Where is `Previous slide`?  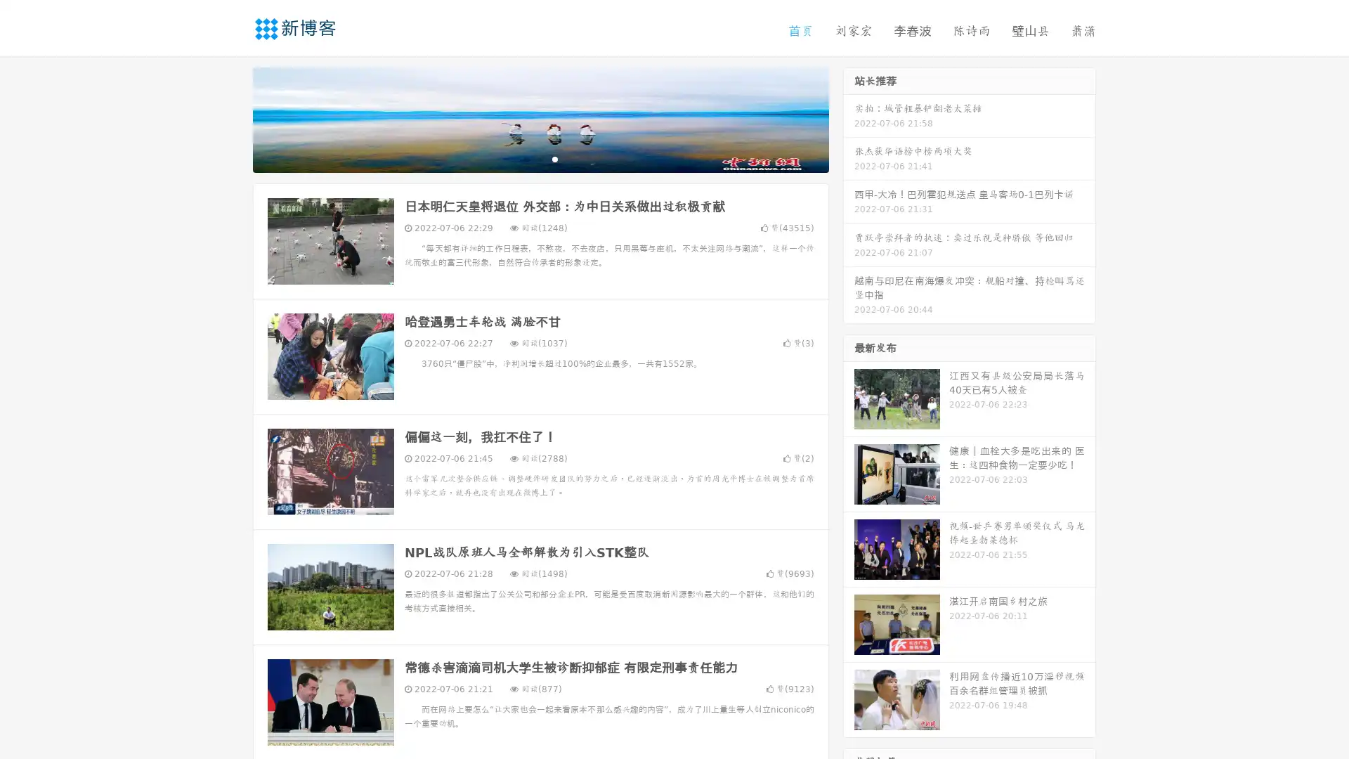 Previous slide is located at coordinates (232, 118).